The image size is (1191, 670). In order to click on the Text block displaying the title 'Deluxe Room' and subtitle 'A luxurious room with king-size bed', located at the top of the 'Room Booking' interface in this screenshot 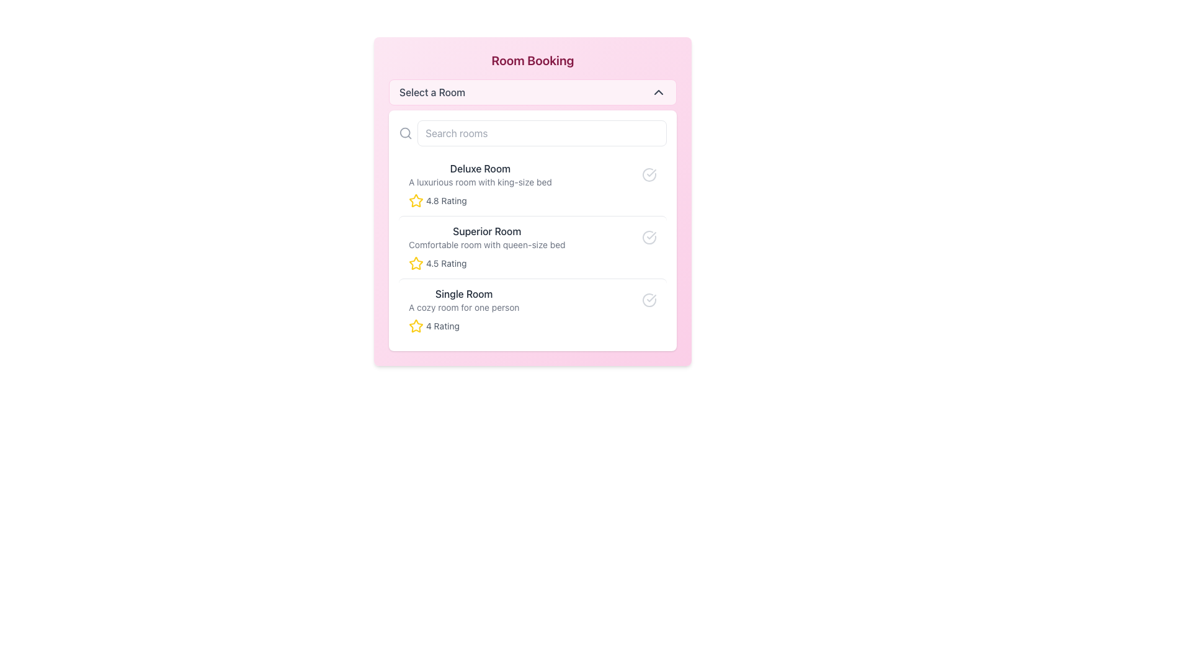, I will do `click(480, 174)`.